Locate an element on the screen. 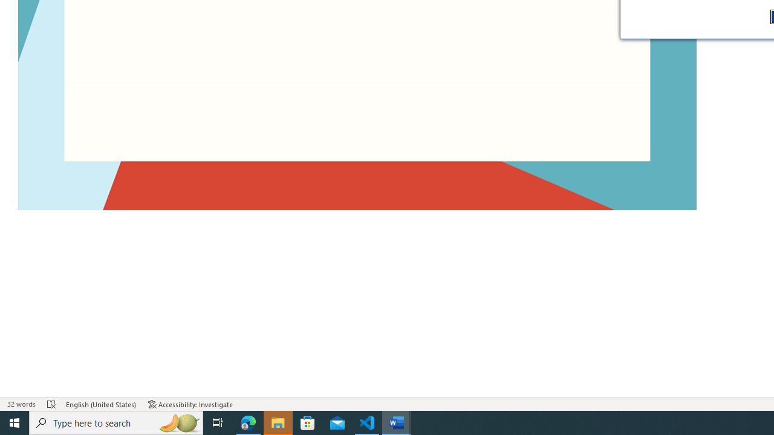  'Word - 2 running windows' is located at coordinates (397, 422).